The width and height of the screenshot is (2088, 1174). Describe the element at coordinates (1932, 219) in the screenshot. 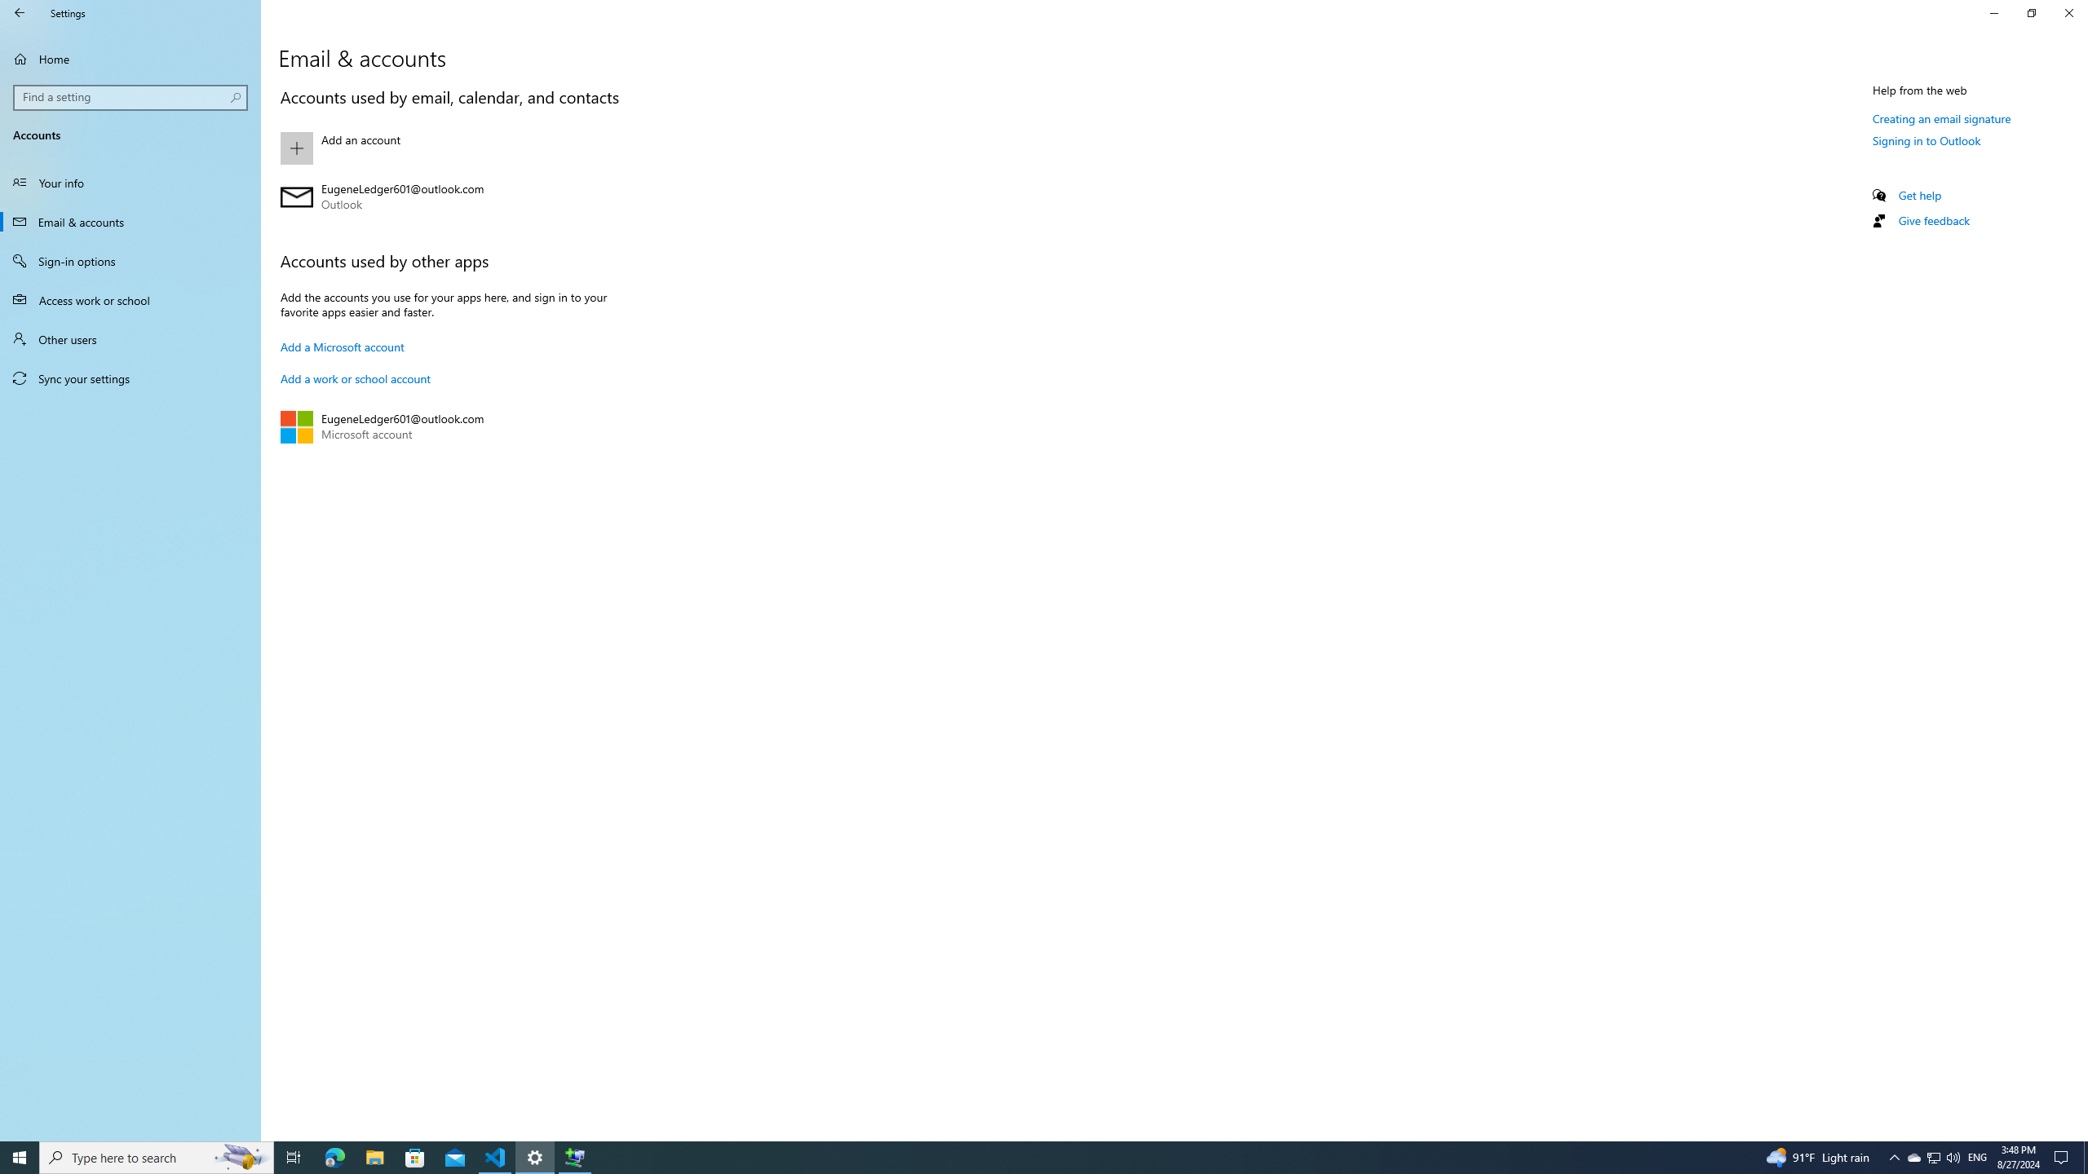

I see `'Give feedback'` at that location.